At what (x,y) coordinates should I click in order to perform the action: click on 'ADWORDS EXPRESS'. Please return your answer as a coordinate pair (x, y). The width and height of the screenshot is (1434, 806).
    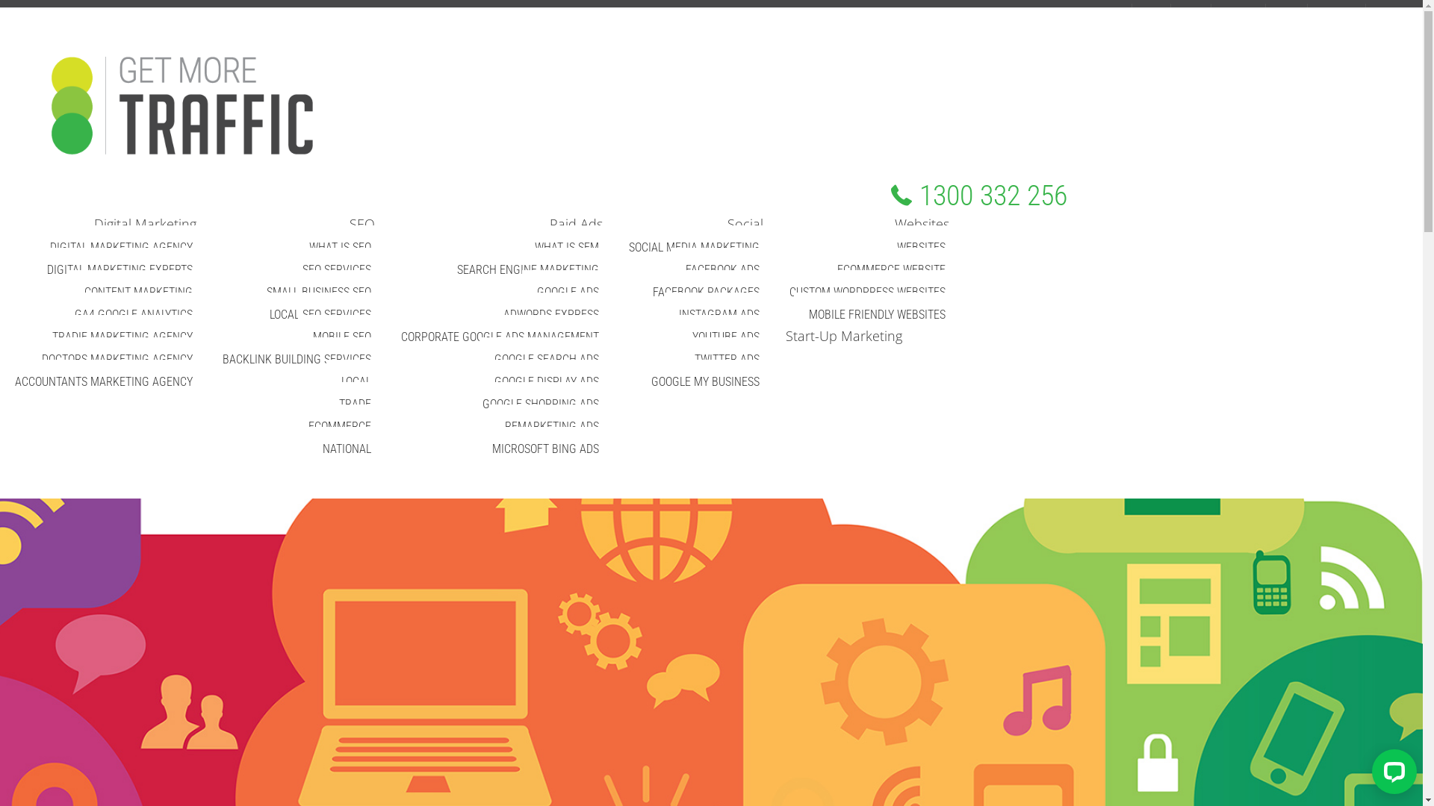
    Looking at the image, I should click on (488, 313).